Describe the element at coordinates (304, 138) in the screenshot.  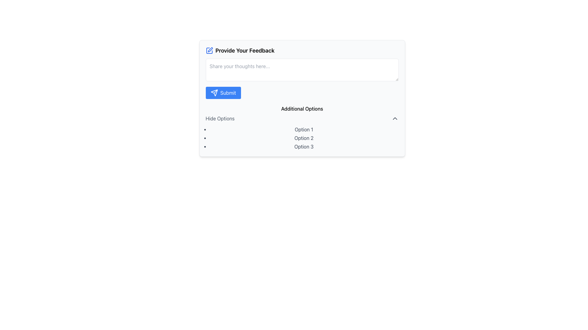
I see `the list item labeled 'Option 2' to change its color from gray to black` at that location.